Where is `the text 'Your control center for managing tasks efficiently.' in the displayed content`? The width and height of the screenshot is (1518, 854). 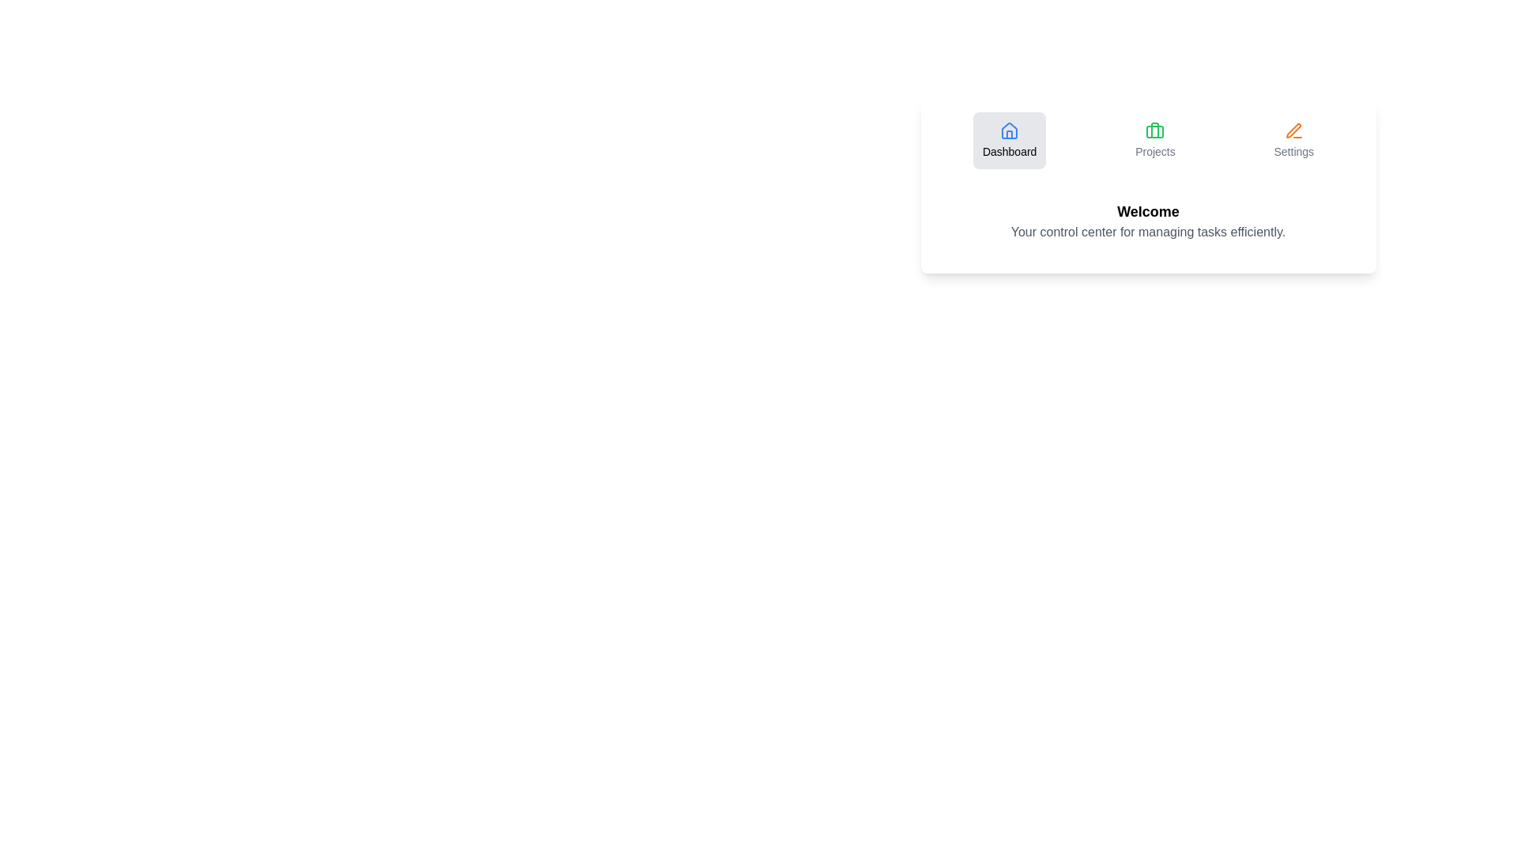 the text 'Your control center for managing tasks efficiently.' in the displayed content is located at coordinates (1148, 232).